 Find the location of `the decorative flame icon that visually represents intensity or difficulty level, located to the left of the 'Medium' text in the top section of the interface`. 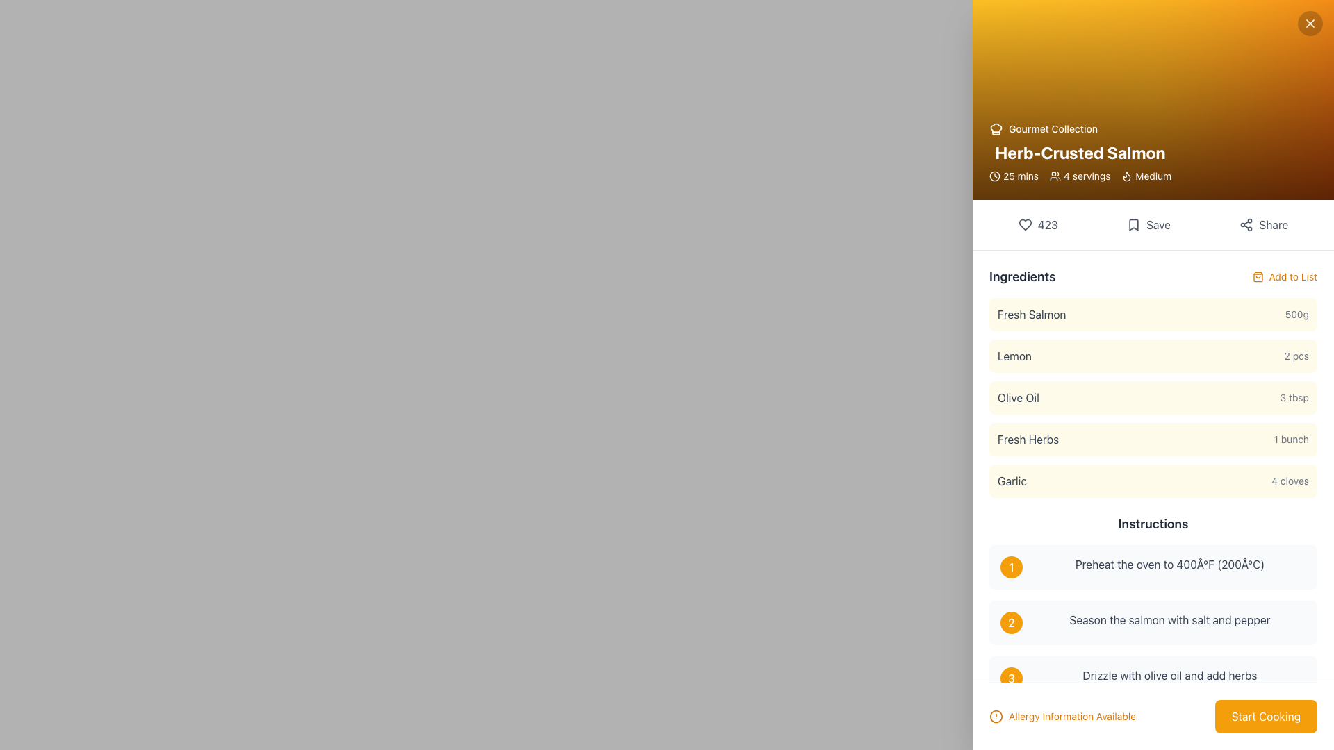

the decorative flame icon that visually represents intensity or difficulty level, located to the left of the 'Medium' text in the top section of the interface is located at coordinates (1127, 176).